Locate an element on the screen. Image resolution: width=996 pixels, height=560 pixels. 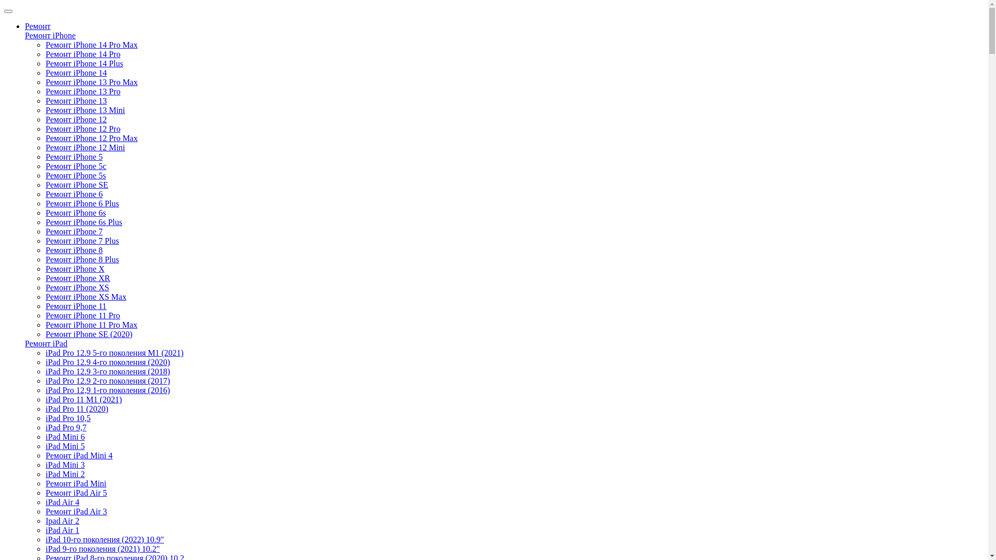
'iPad Mini 2' is located at coordinates (64, 474).